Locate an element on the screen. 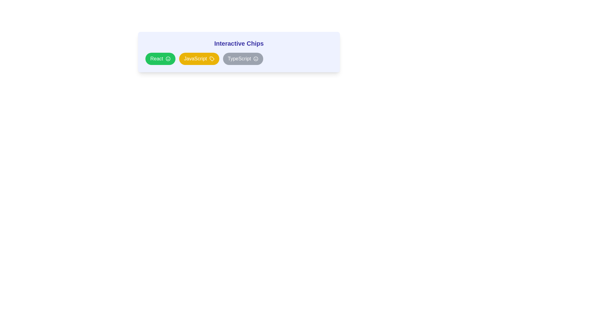  the label component that identifies the chip as 'TypeScript', which is the third element in a row of interactive chips labeled 'React', 'JavaScript', and 'TypeScript' is located at coordinates (239, 59).